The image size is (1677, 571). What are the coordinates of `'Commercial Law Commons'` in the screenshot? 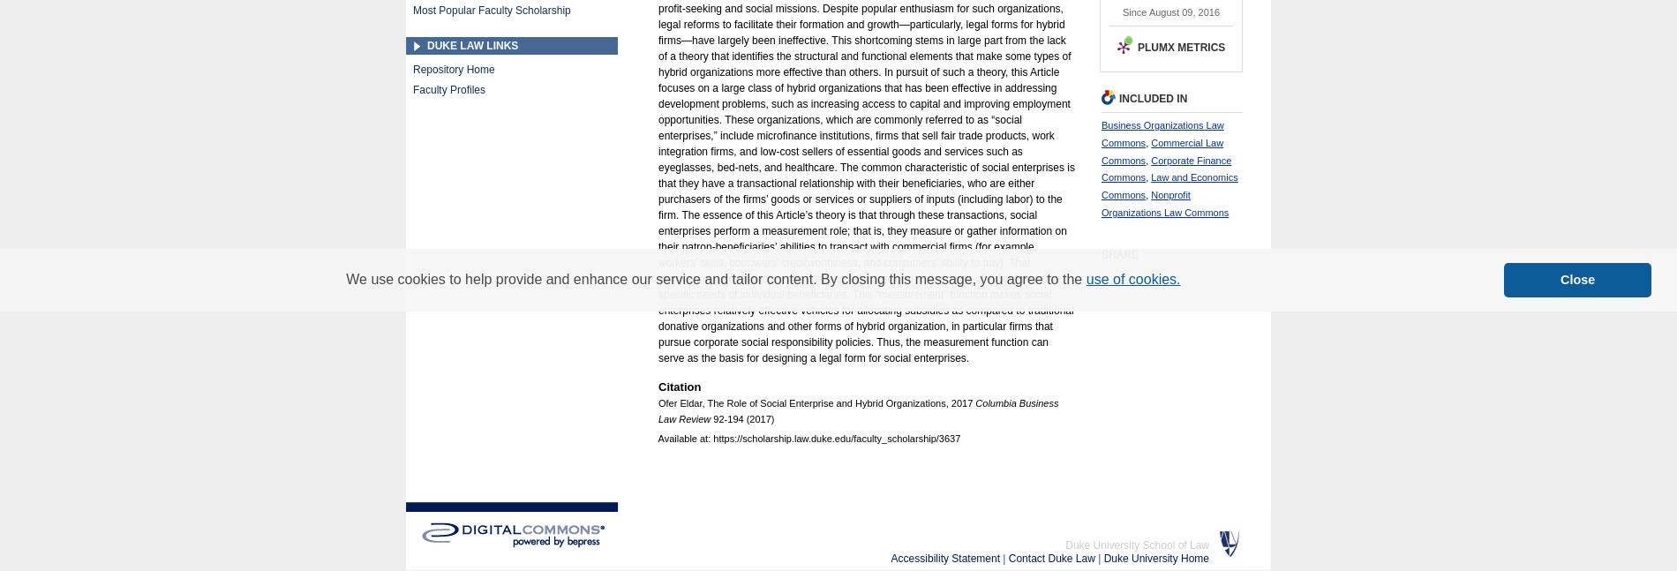 It's located at (1162, 151).